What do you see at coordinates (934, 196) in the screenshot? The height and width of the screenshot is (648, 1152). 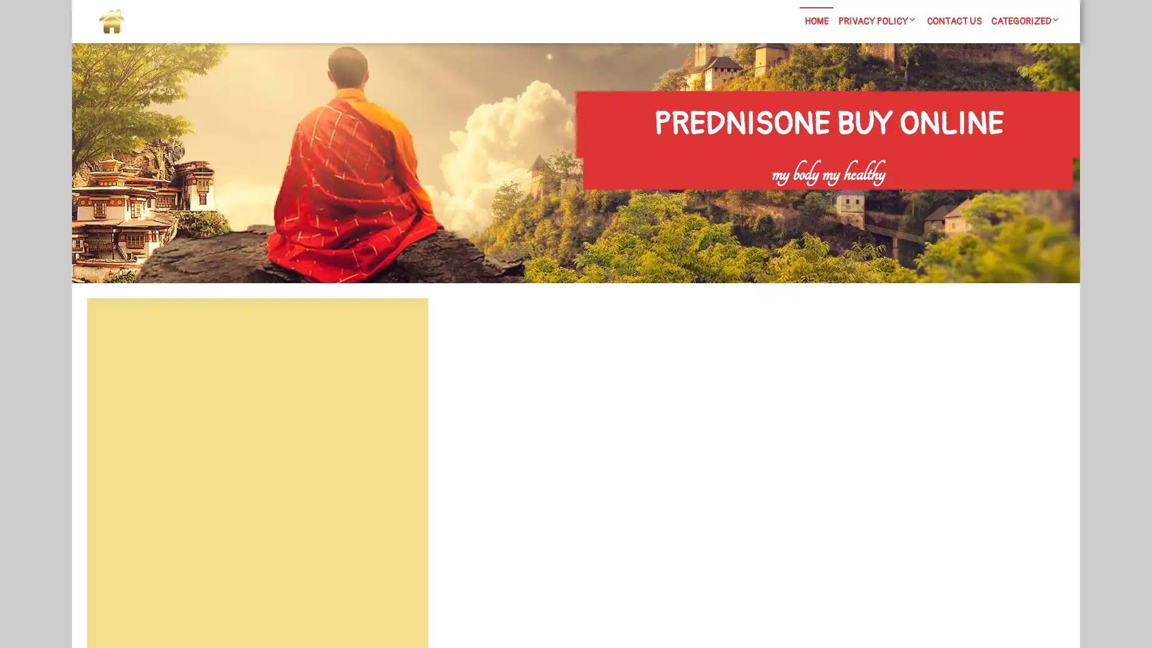 I see `Search` at bounding box center [934, 196].